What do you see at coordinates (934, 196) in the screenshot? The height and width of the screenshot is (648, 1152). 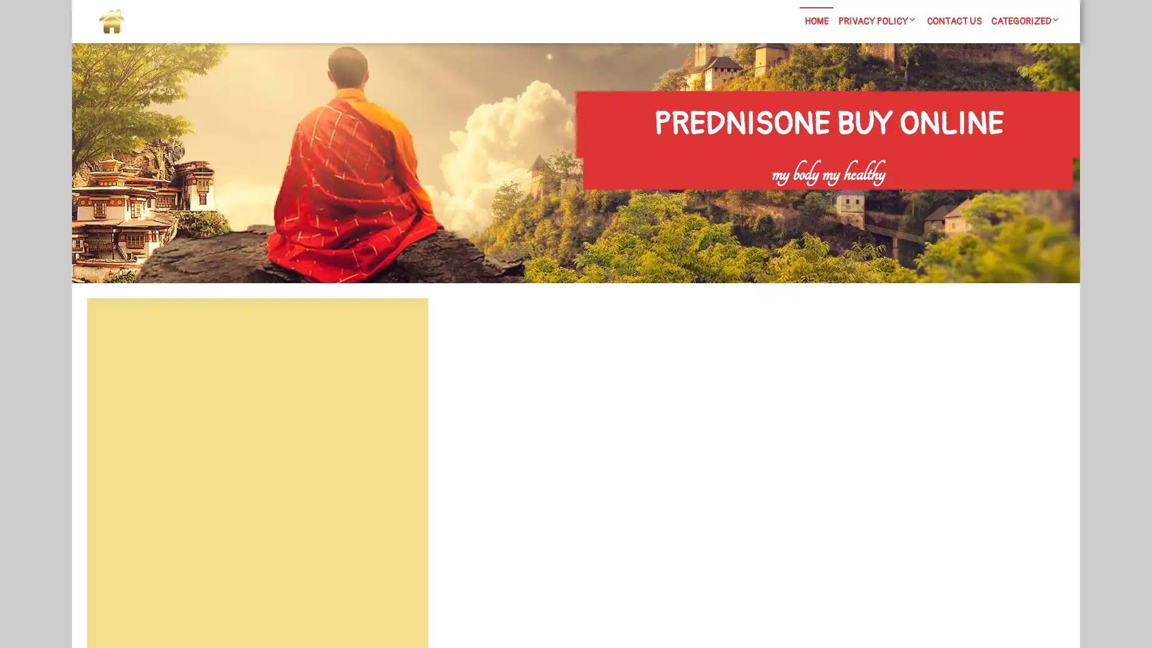 I see `Search` at bounding box center [934, 196].